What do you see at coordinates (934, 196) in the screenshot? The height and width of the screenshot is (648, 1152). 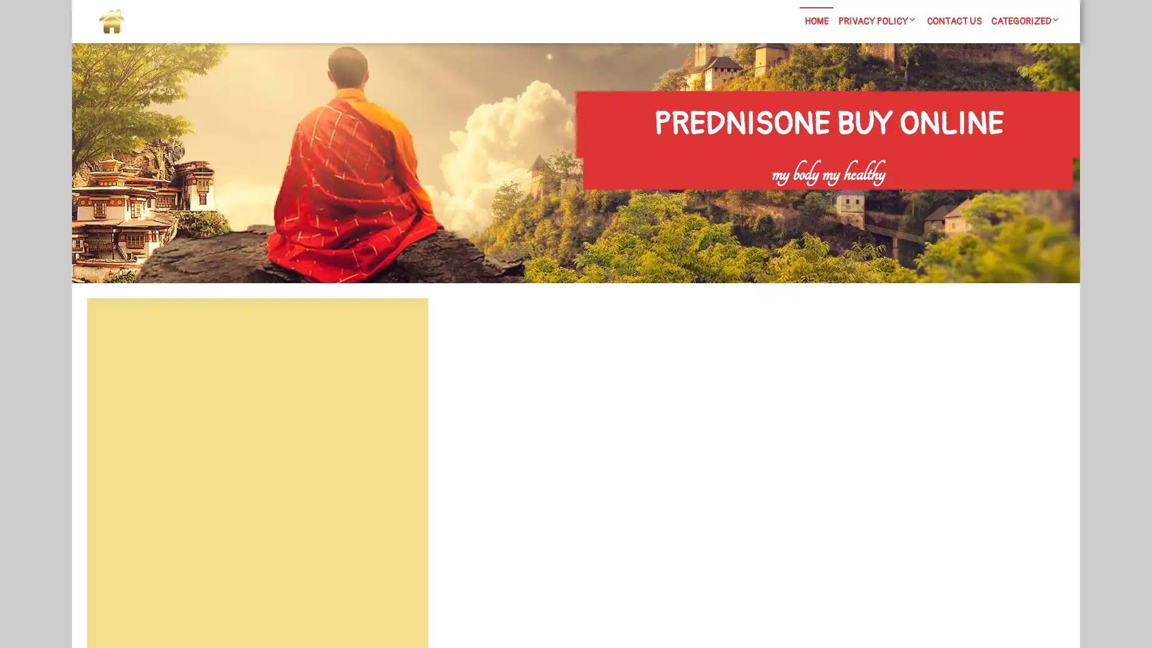 I see `Search` at bounding box center [934, 196].